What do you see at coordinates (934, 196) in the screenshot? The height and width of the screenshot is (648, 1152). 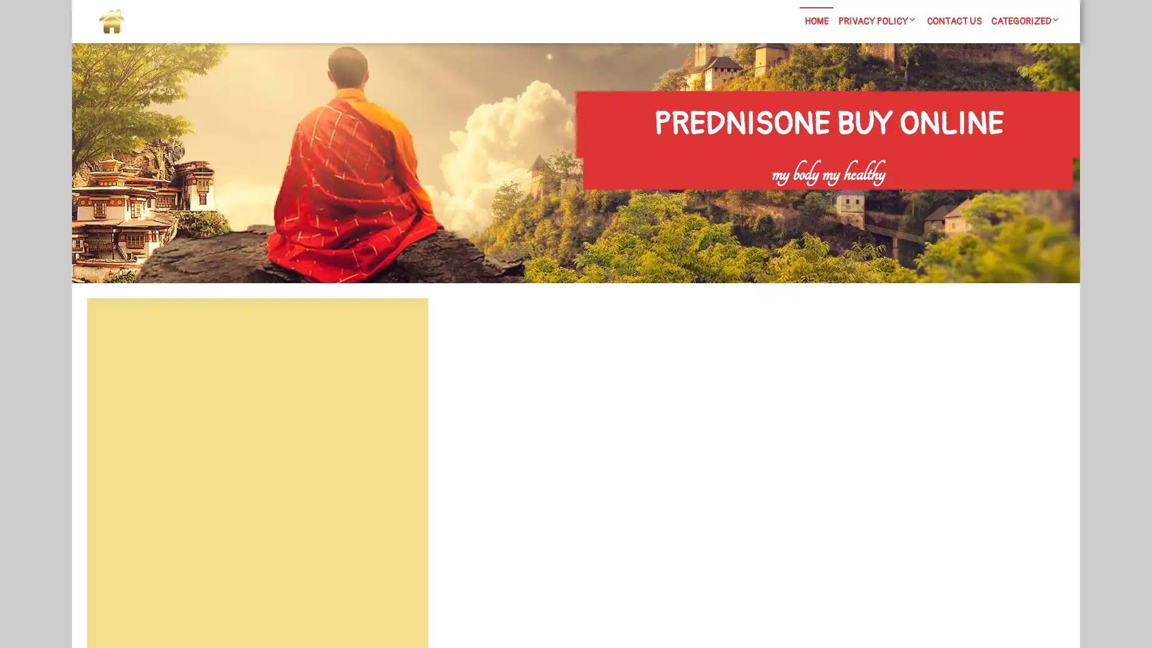 I see `Search` at bounding box center [934, 196].